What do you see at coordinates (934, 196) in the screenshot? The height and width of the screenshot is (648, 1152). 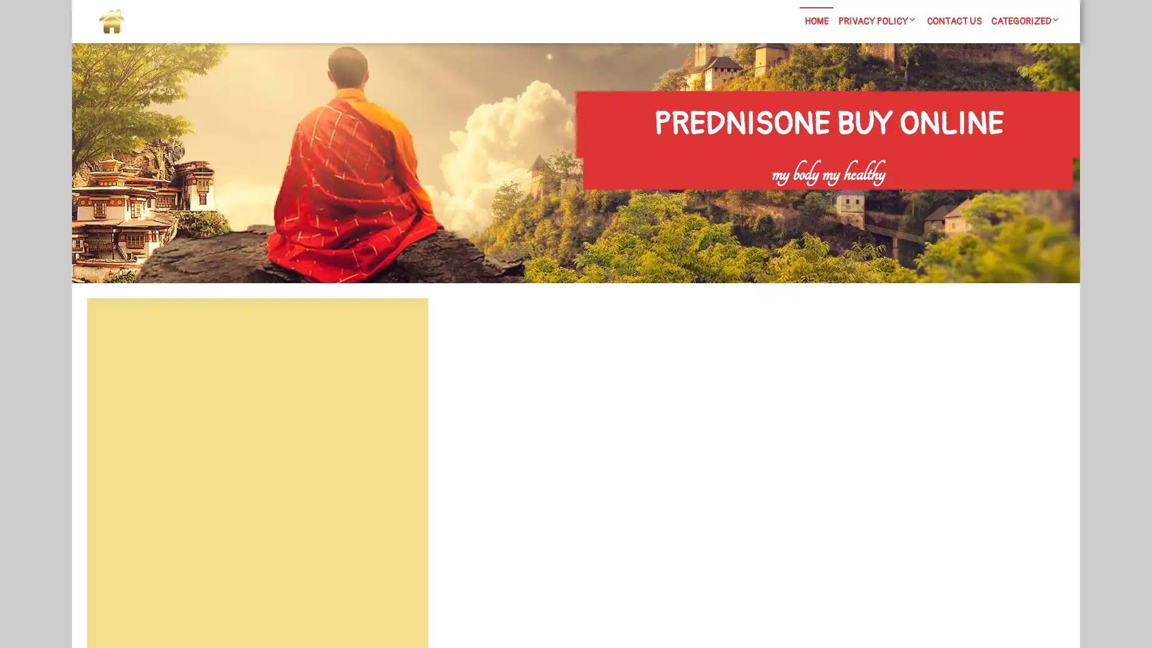 I see `Search` at bounding box center [934, 196].